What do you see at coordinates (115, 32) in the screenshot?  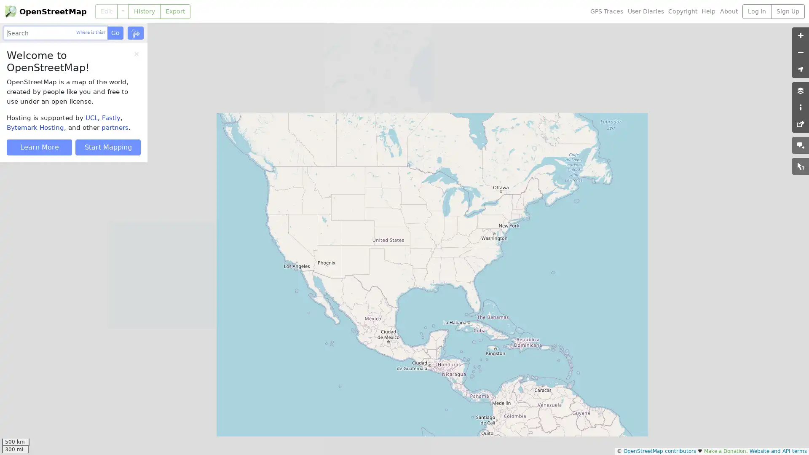 I see `Go` at bounding box center [115, 32].